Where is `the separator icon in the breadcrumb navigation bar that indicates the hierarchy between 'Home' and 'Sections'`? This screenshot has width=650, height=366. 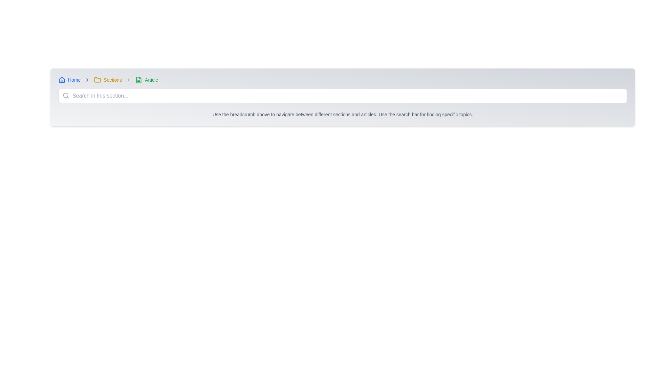 the separator icon in the breadcrumb navigation bar that indicates the hierarchy between 'Home' and 'Sections' is located at coordinates (87, 79).